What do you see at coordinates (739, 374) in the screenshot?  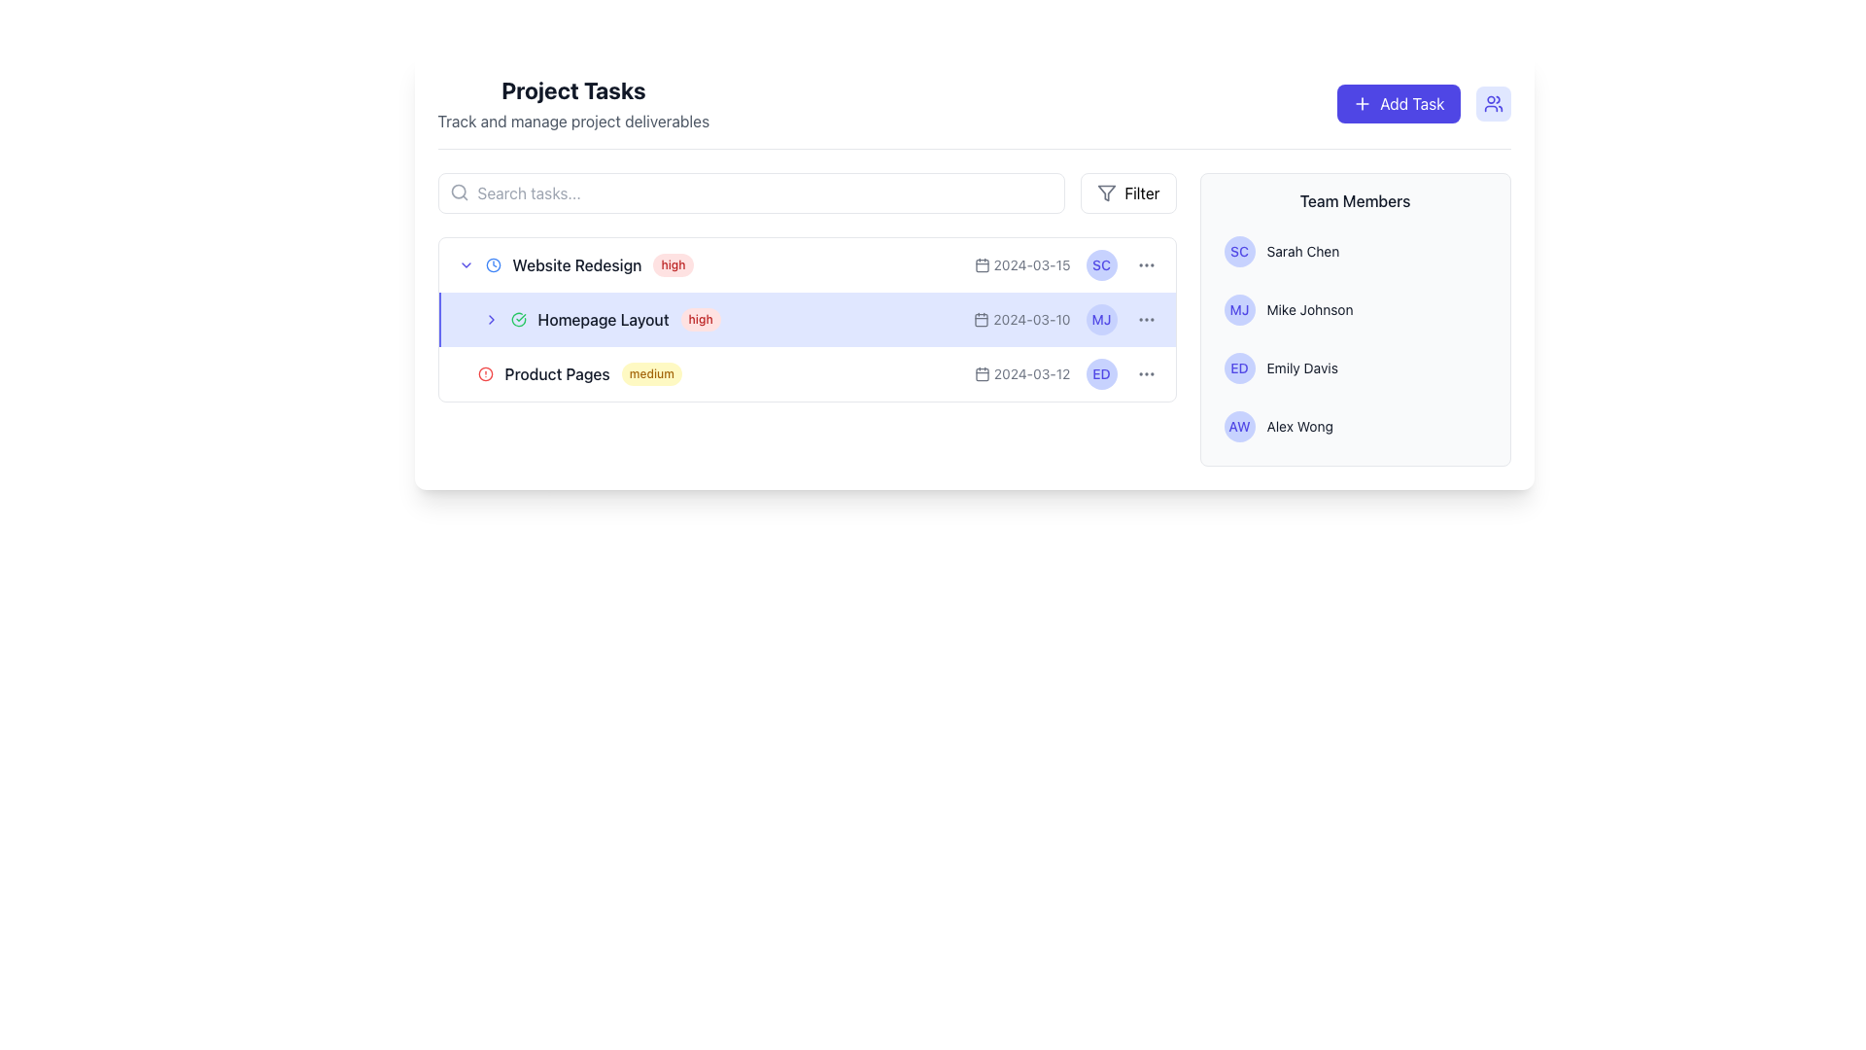 I see `the task entry labeled 'Product Pages' with the priority tag 'medium', located in the third row of the task list under 'Project Tasks'` at bounding box center [739, 374].